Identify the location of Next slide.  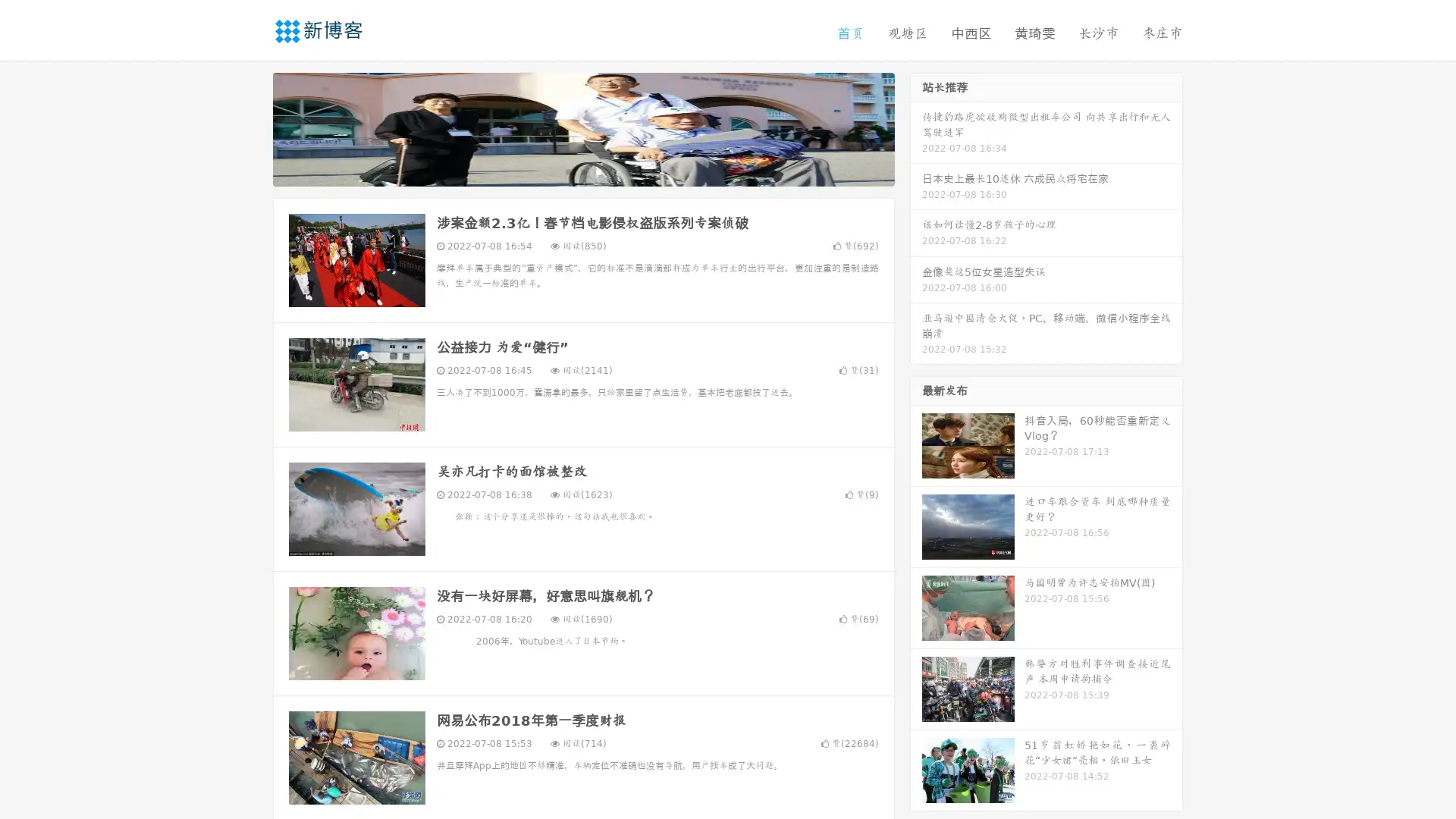
(916, 127).